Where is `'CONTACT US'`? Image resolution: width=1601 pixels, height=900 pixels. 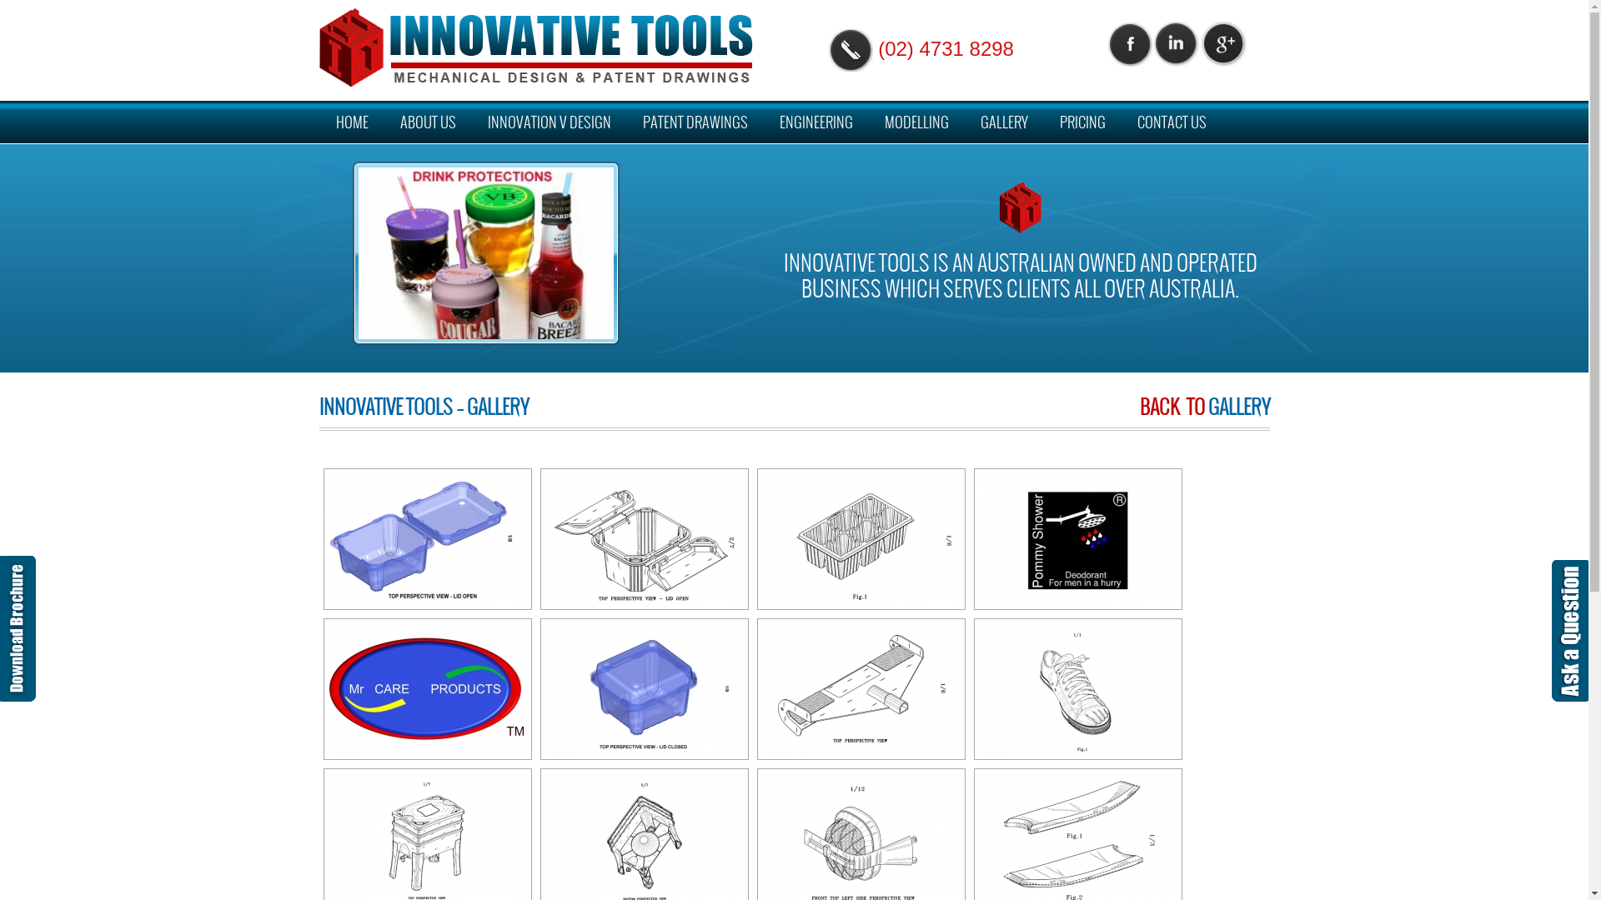
'CONTACT US' is located at coordinates (1171, 121).